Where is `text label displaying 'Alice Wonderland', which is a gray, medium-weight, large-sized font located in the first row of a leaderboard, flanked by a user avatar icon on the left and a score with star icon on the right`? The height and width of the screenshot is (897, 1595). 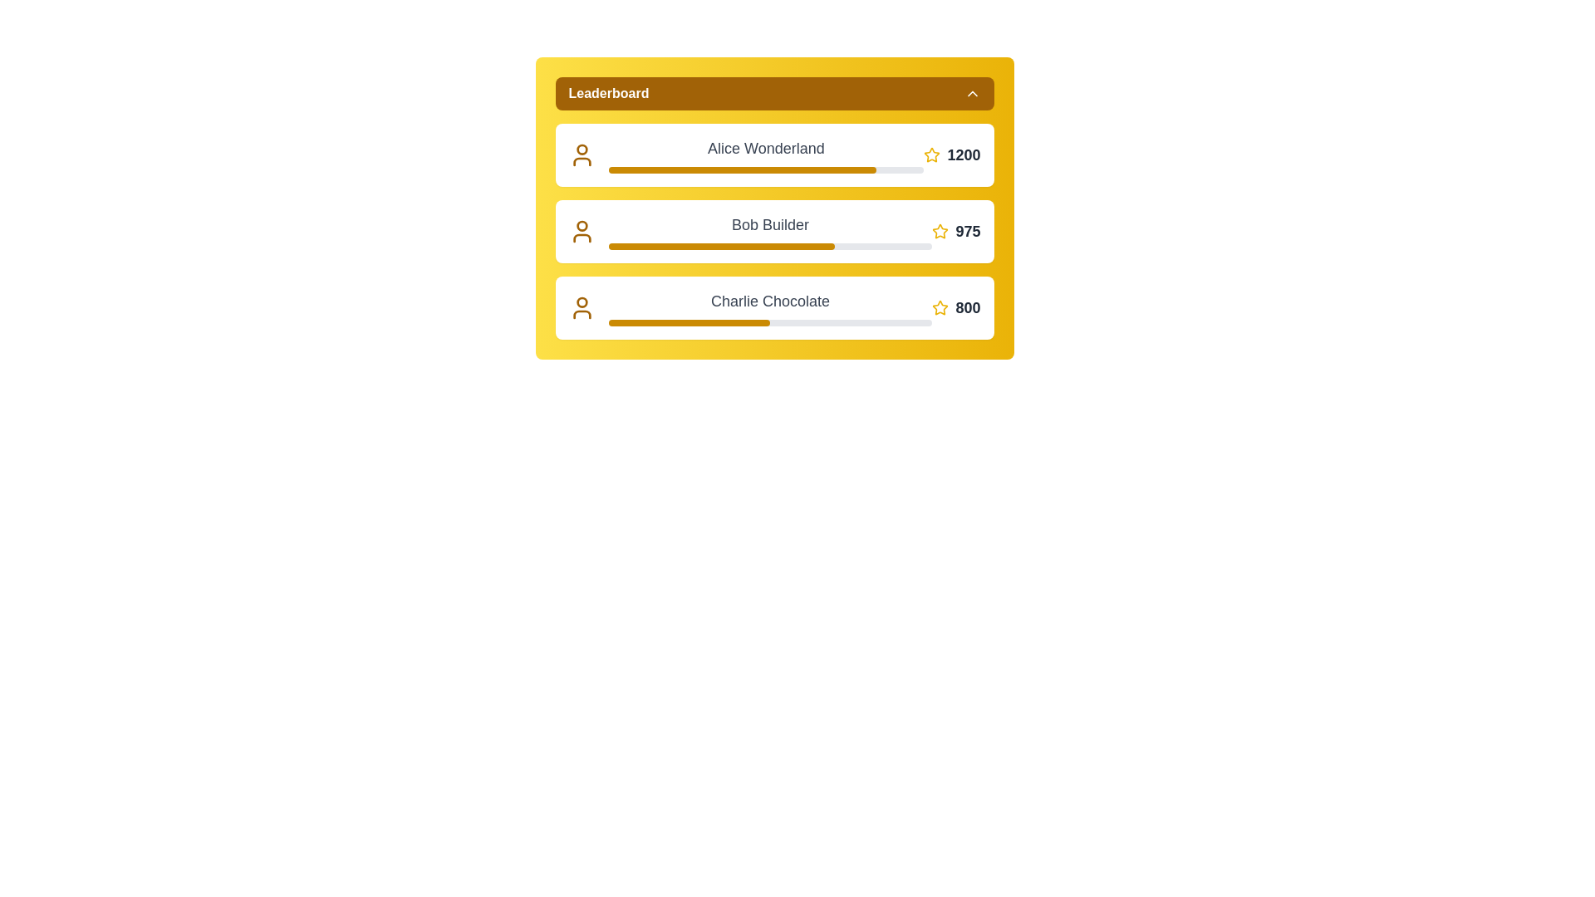
text label displaying 'Alice Wonderland', which is a gray, medium-weight, large-sized font located in the first row of a leaderboard, flanked by a user avatar icon on the left and a score with star icon on the right is located at coordinates (765, 147).